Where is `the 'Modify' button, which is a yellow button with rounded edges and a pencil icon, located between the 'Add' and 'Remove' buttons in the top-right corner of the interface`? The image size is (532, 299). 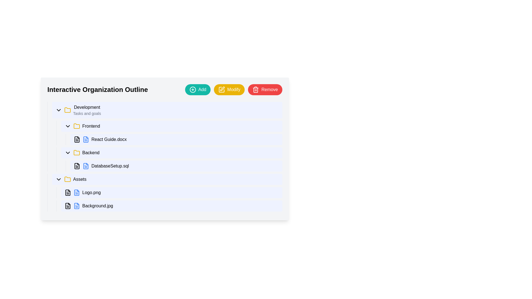 the 'Modify' button, which is a yellow button with rounded edges and a pencil icon, located between the 'Add' and 'Remove' buttons in the top-right corner of the interface is located at coordinates (229, 89).